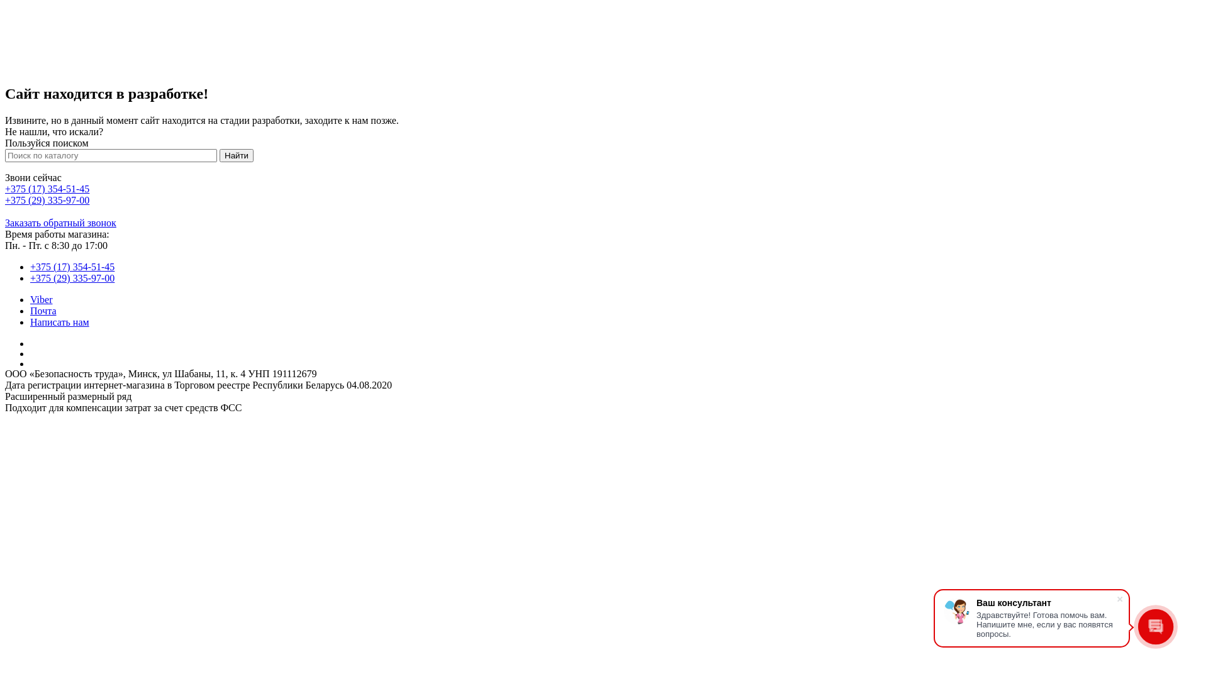  Describe the element at coordinates (5, 199) in the screenshot. I see `'+375 (29) 335-97-00'` at that location.